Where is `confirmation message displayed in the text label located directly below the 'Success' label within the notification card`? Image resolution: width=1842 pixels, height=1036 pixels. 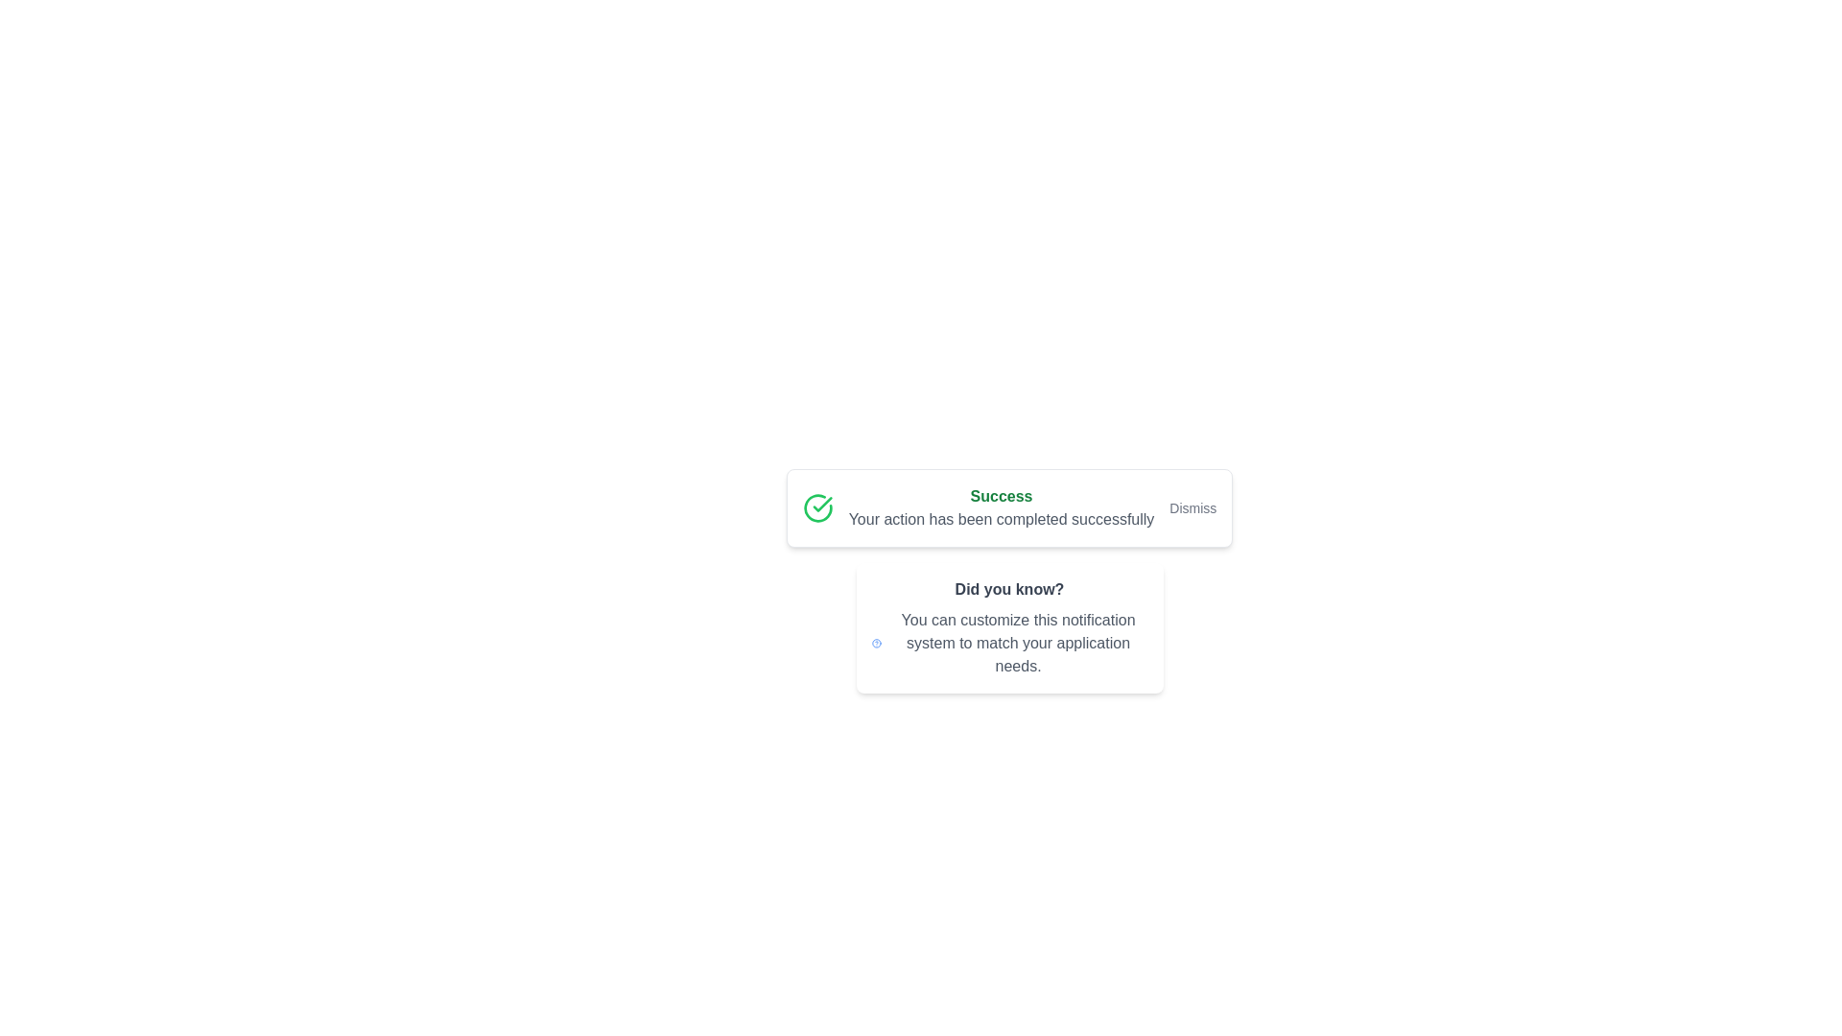
confirmation message displayed in the text label located directly below the 'Success' label within the notification card is located at coordinates (1000, 520).